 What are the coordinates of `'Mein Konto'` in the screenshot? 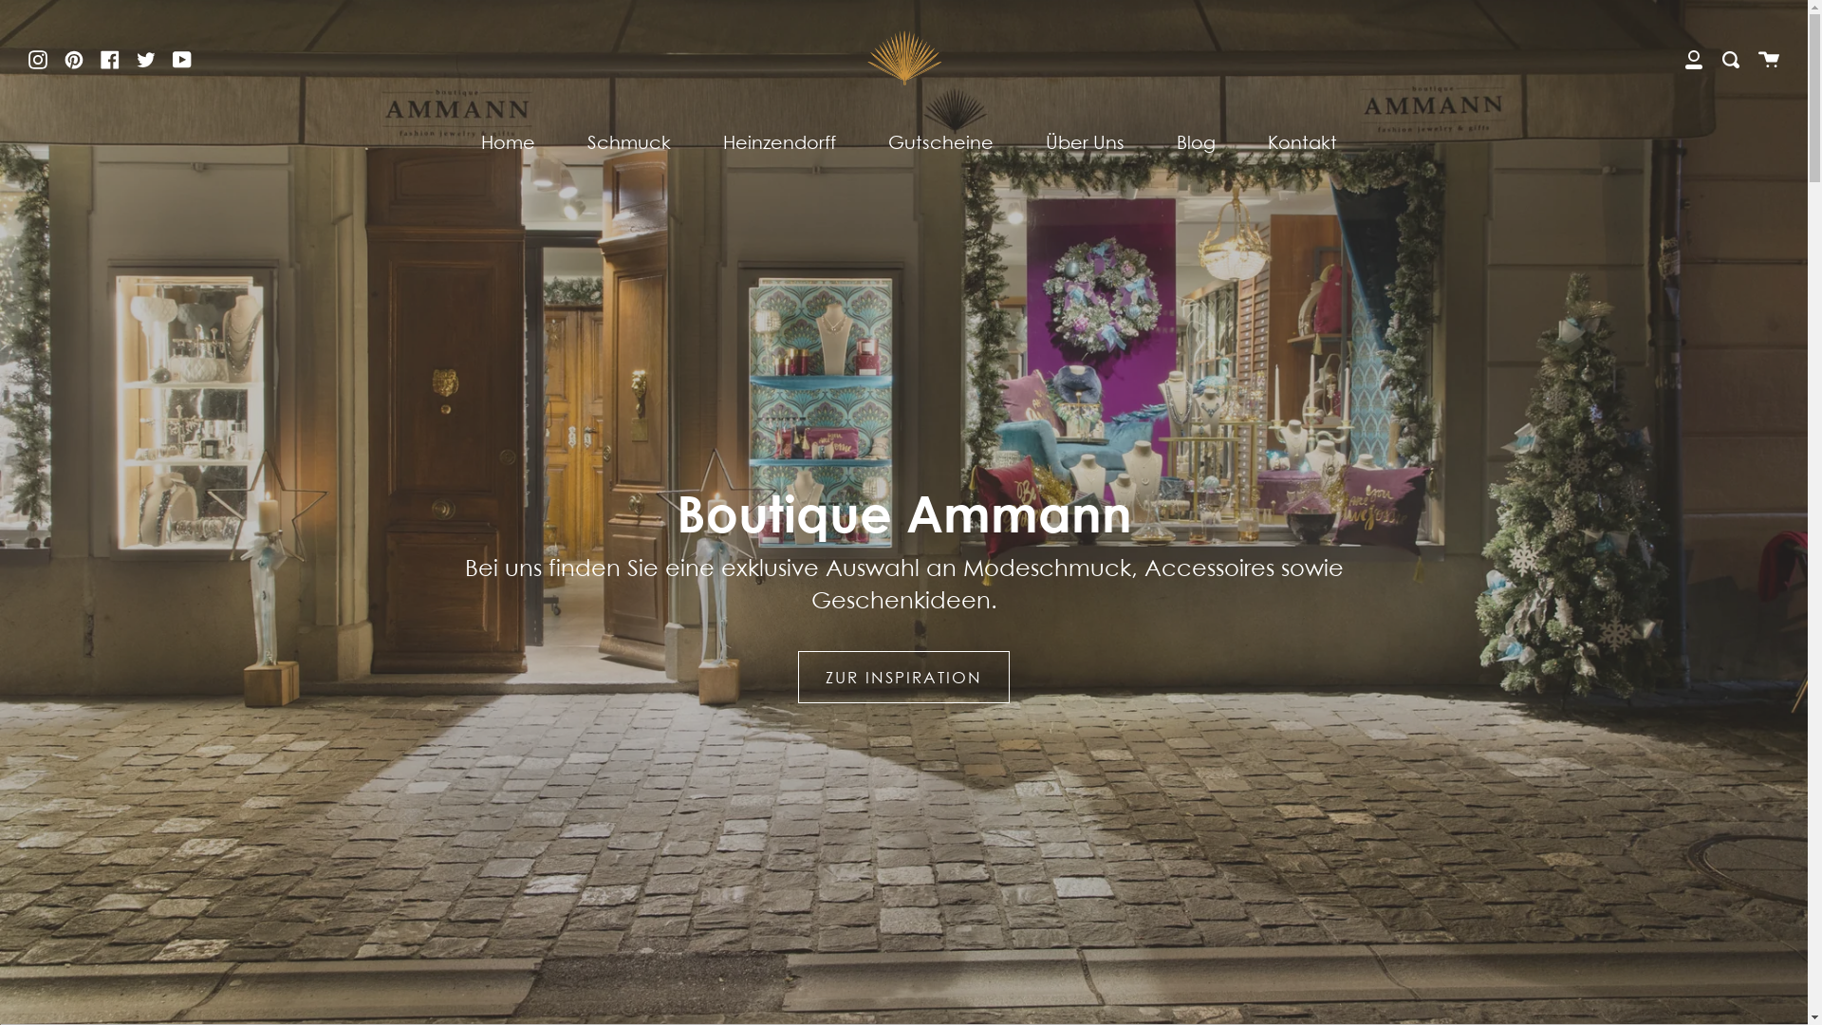 It's located at (1694, 57).